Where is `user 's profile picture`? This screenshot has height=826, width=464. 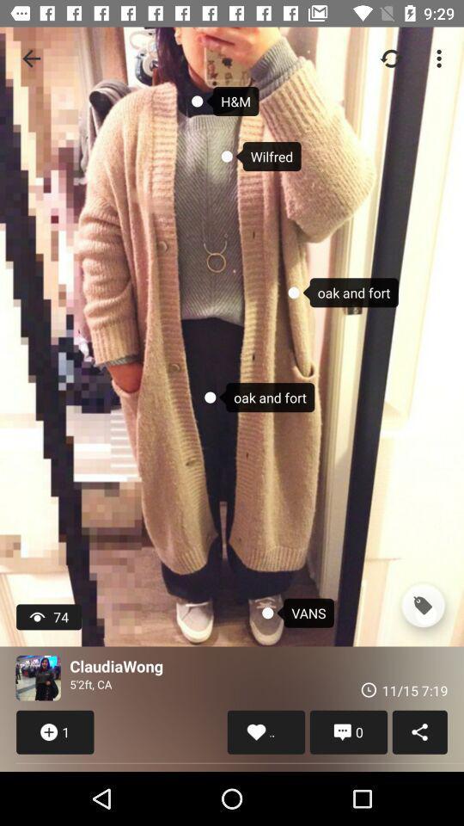
user 's profile picture is located at coordinates (38, 678).